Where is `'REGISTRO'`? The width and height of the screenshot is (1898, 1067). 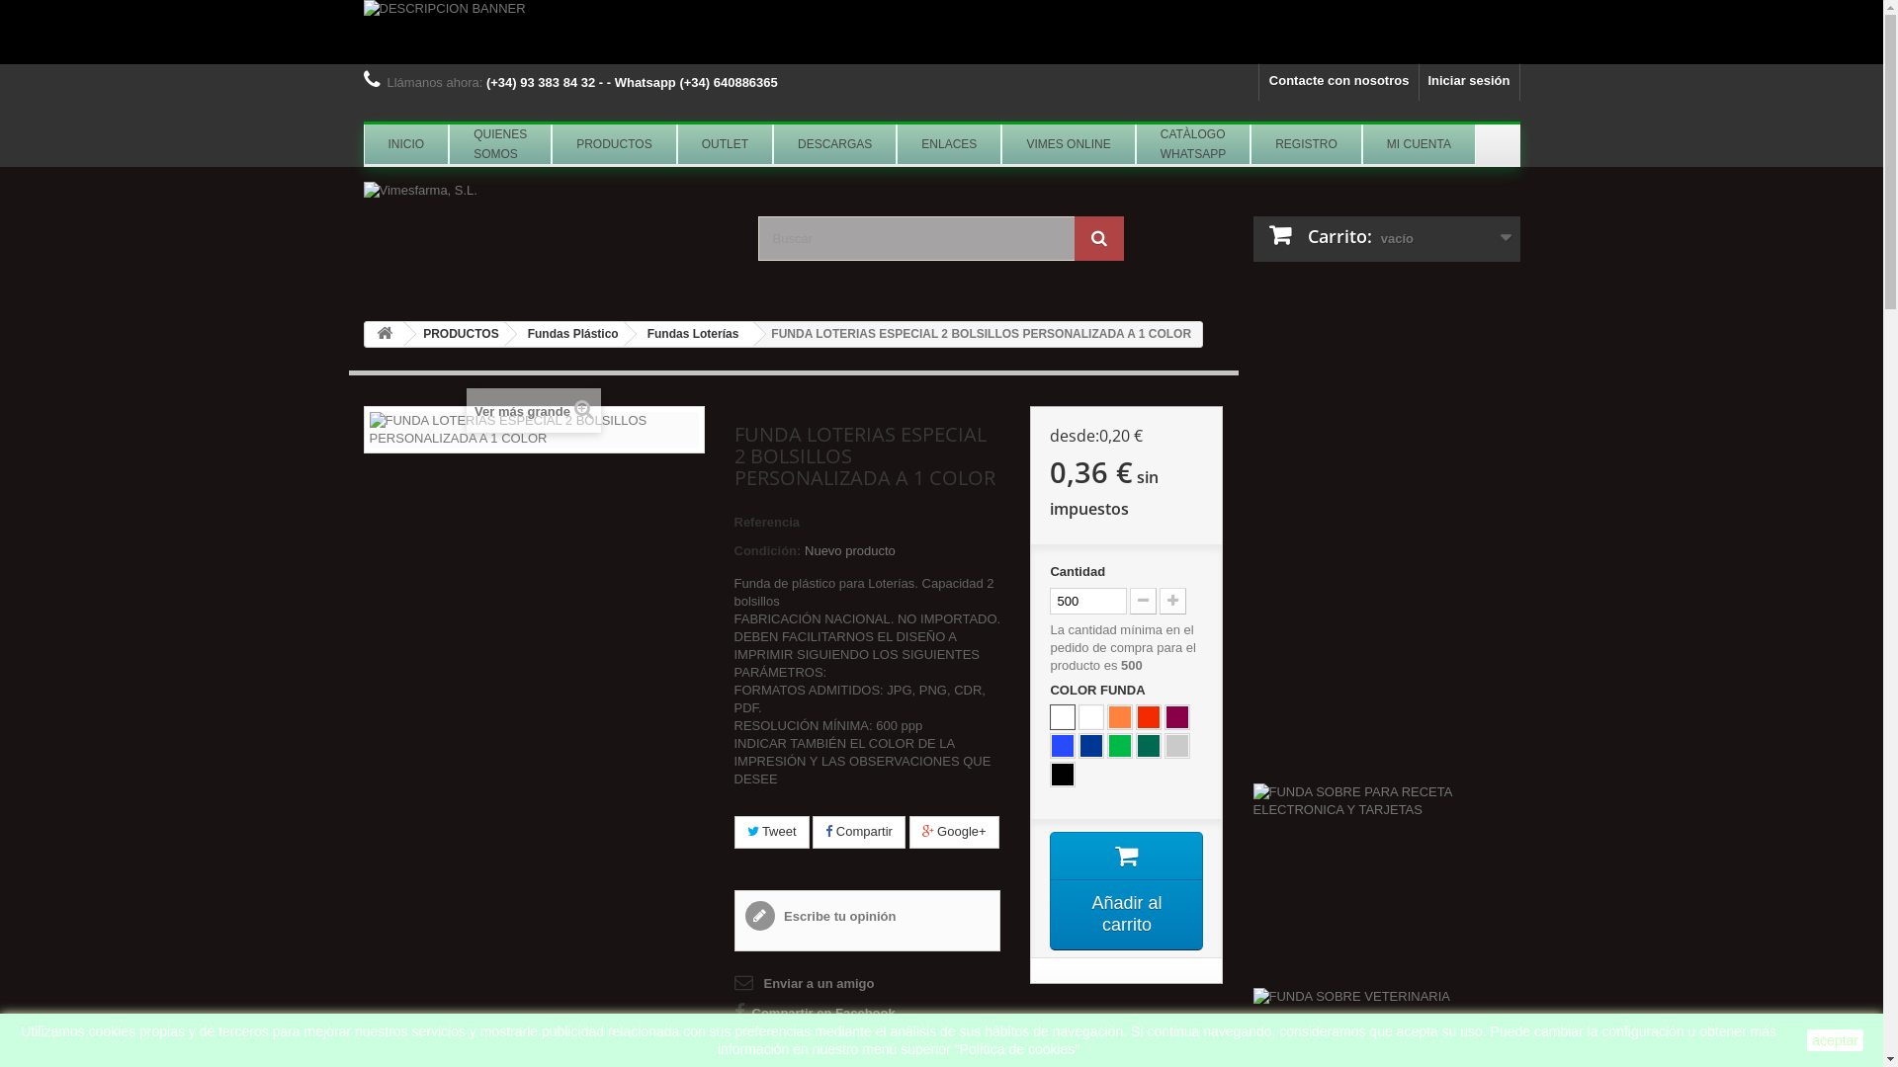
'REGISTRO' is located at coordinates (1306, 143).